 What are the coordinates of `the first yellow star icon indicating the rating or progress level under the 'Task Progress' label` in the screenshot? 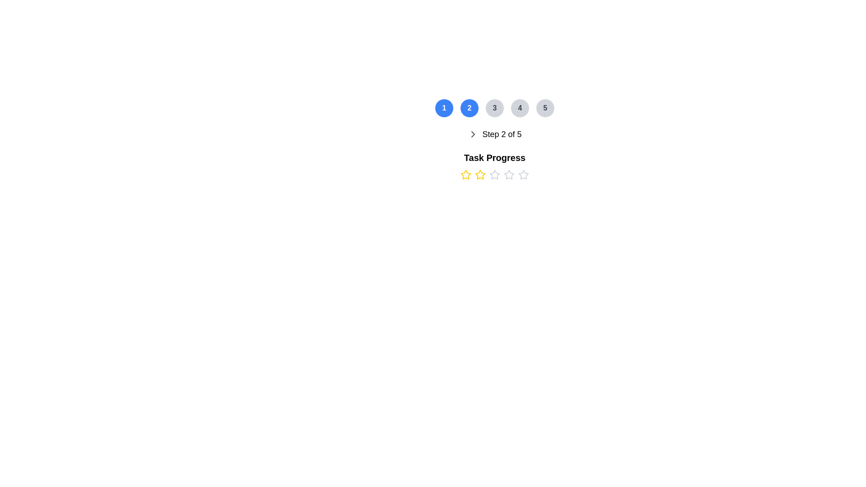 It's located at (465, 175).